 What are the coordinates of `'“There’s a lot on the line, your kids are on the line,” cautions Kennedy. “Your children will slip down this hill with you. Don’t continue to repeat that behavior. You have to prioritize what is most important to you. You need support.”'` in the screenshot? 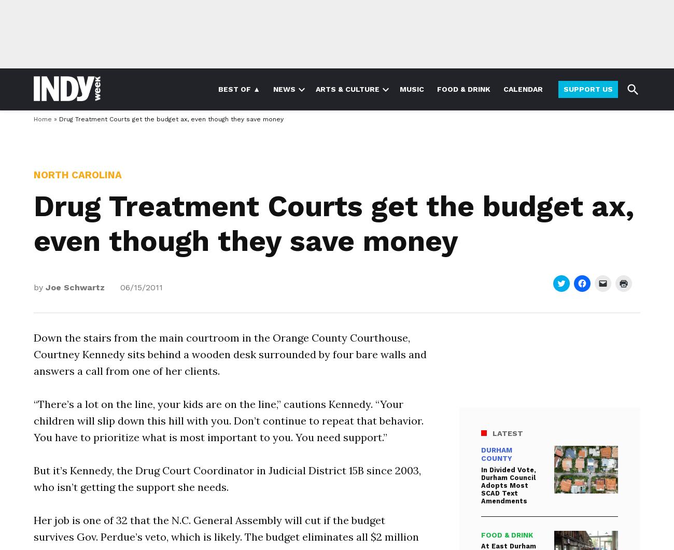 It's located at (228, 420).